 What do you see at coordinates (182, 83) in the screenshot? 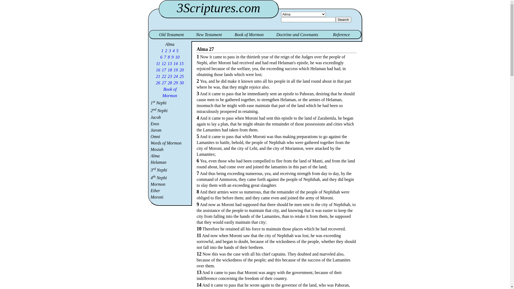
I see `'30'` at bounding box center [182, 83].